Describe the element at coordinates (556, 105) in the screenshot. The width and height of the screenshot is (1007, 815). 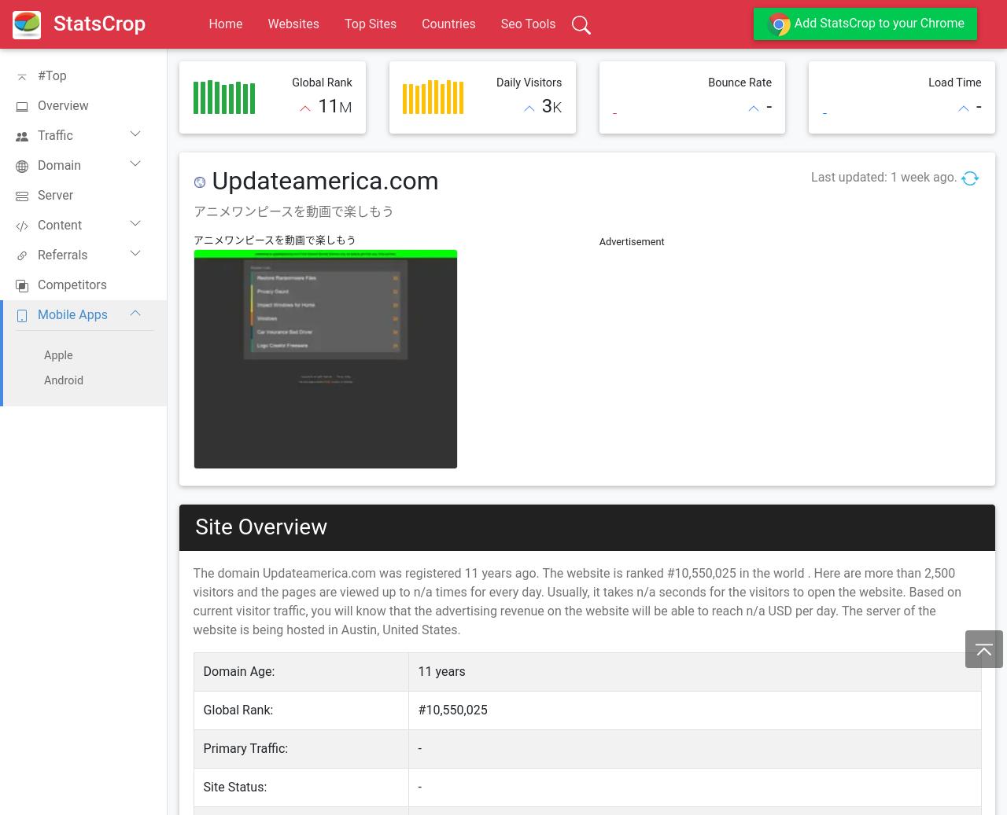
I see `'K'` at that location.